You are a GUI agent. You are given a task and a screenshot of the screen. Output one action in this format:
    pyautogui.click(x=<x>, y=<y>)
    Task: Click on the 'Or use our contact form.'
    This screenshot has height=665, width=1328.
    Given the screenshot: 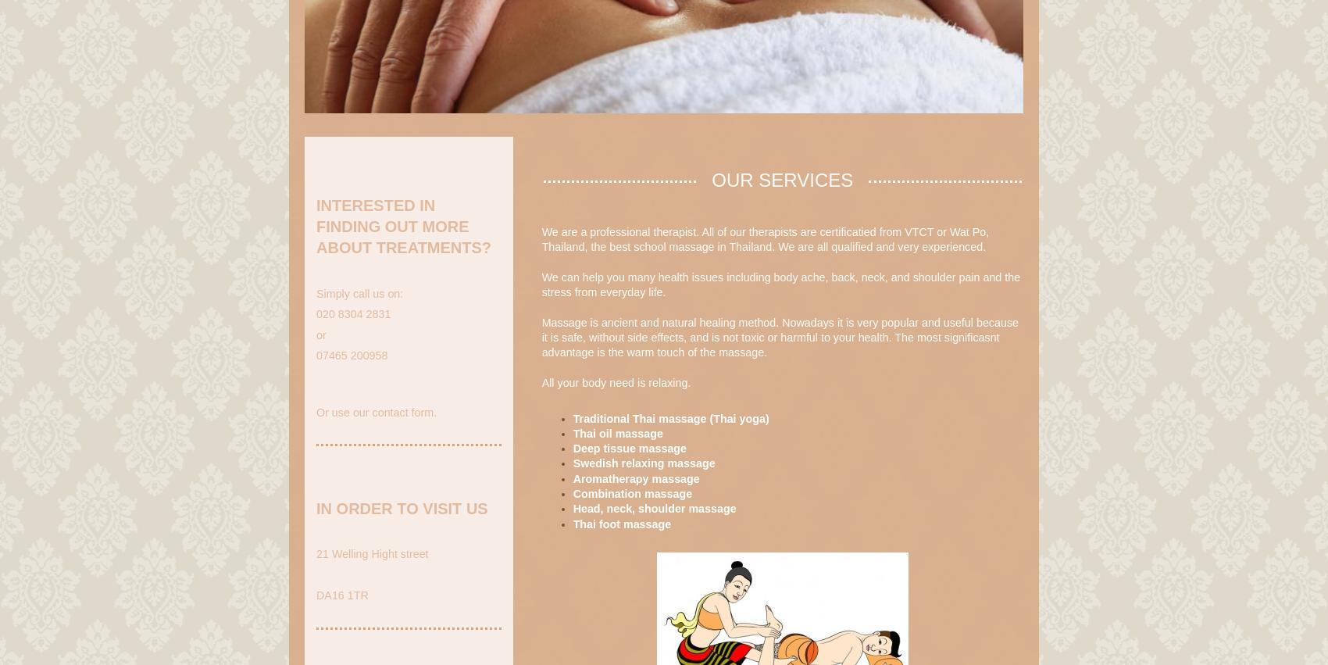 What is the action you would take?
    pyautogui.click(x=315, y=412)
    